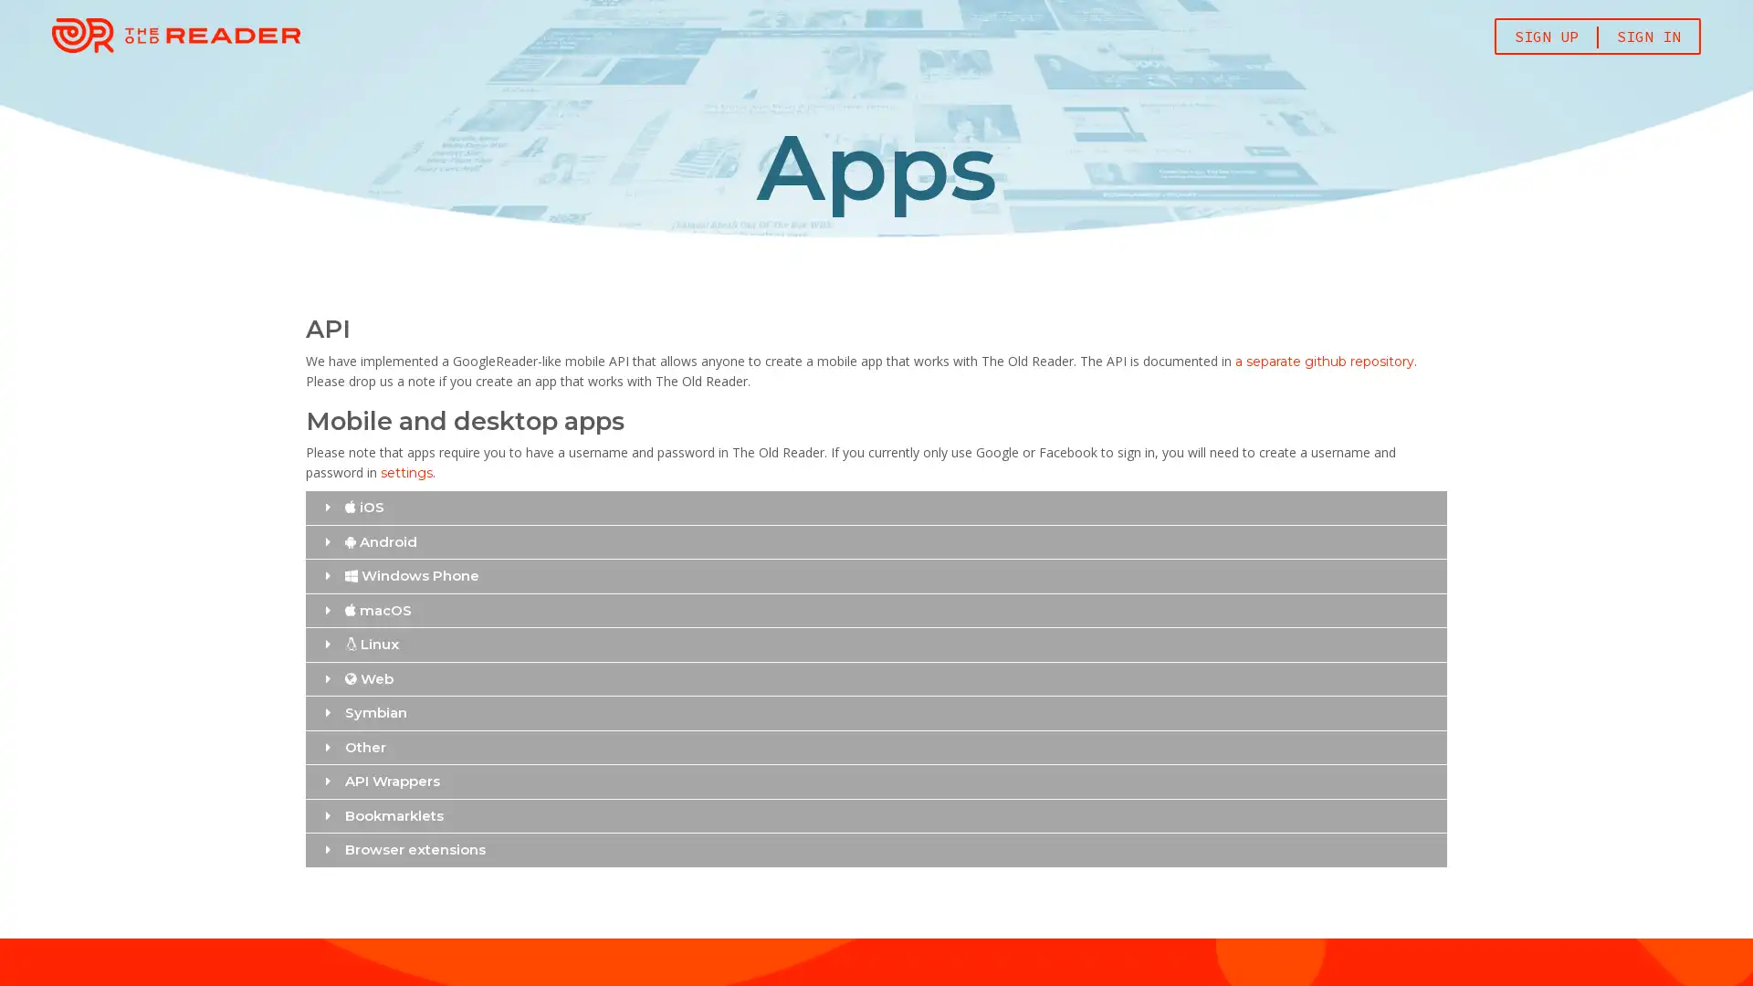  What do you see at coordinates (875, 678) in the screenshot?
I see `Web` at bounding box center [875, 678].